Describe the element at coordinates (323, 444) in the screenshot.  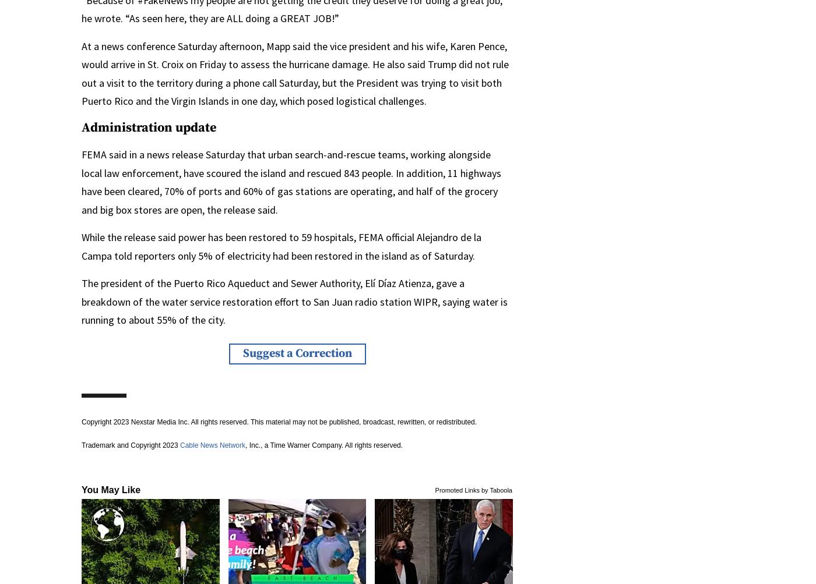
I see `', Inc., a Time Warner Company. All rights reserved.'` at that location.